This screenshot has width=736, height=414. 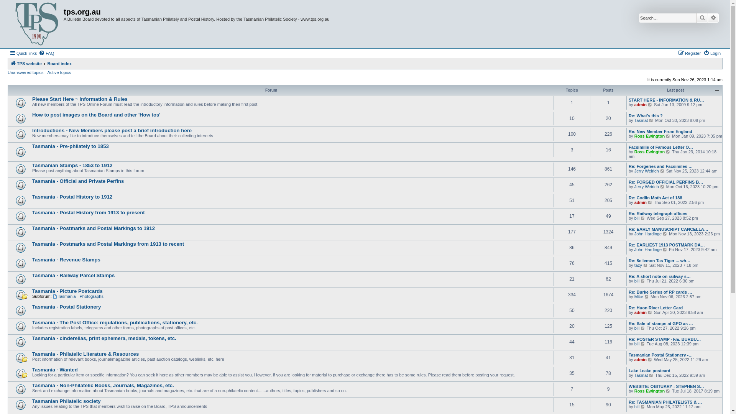 What do you see at coordinates (31, 354) in the screenshot?
I see `'Tasmania - Philatelic Literature & Resources'` at bounding box center [31, 354].